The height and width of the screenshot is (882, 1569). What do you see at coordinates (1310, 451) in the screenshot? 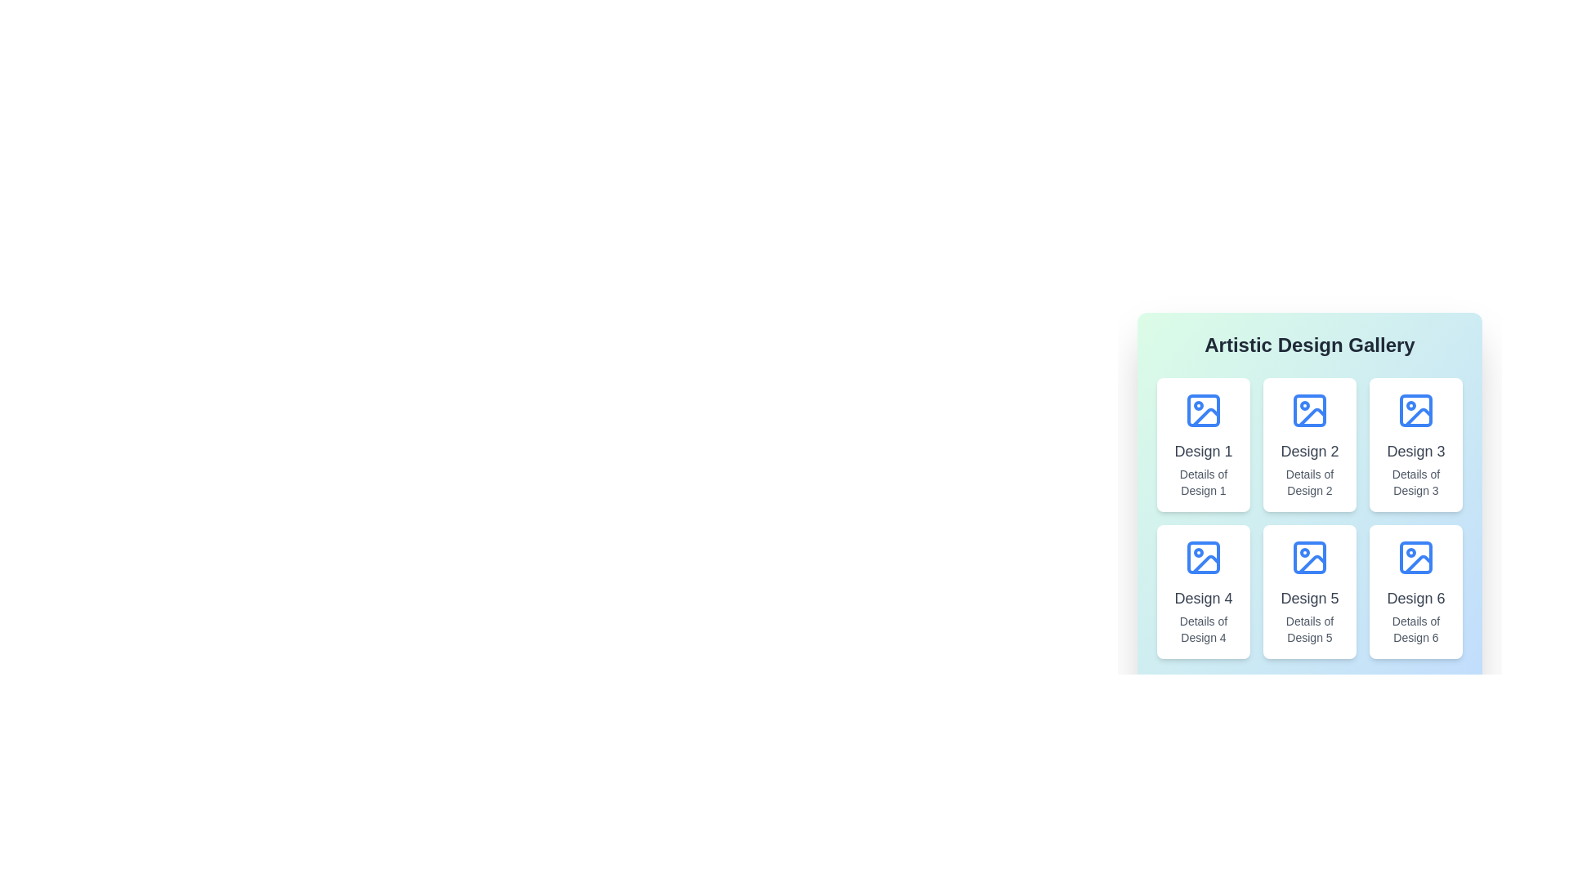
I see `the text label displaying 'Design 2' by moving the cursor to its center for reading` at bounding box center [1310, 451].